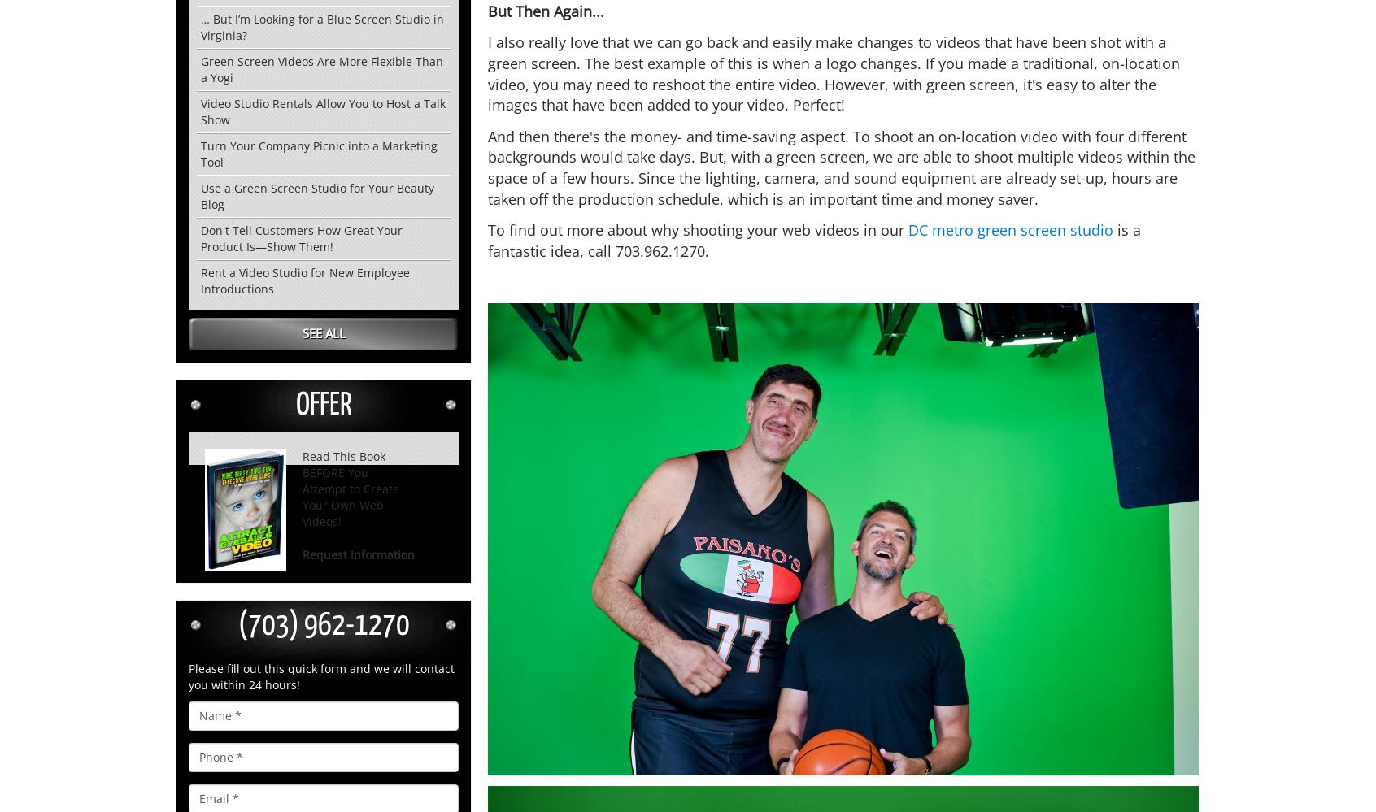 The height and width of the screenshot is (812, 1376). I want to click on 'And then there's the money- and time-saving aspect. To shoot an on-location video with four different backgrounds would take days. But, with a green screen, we are able to shoot multiple videos within the space of a few hours. Since the lighting, camera, and sound equipment are already set-up, hours are taken off the production schedule, which is an important time and money saver.', so click(486, 166).